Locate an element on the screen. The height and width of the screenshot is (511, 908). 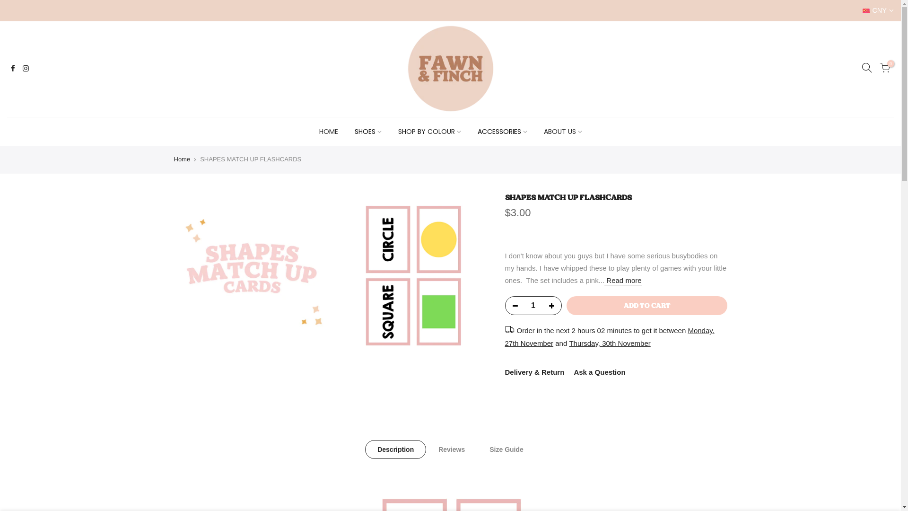
'SHOES' is located at coordinates (367, 131).